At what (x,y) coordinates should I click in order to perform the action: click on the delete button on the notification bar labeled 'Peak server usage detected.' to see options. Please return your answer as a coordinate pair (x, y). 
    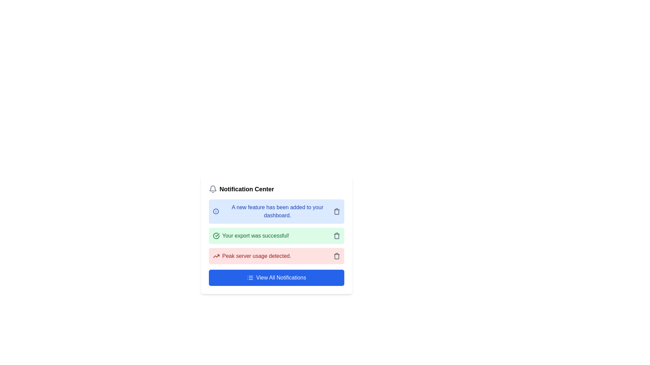
    Looking at the image, I should click on (337, 256).